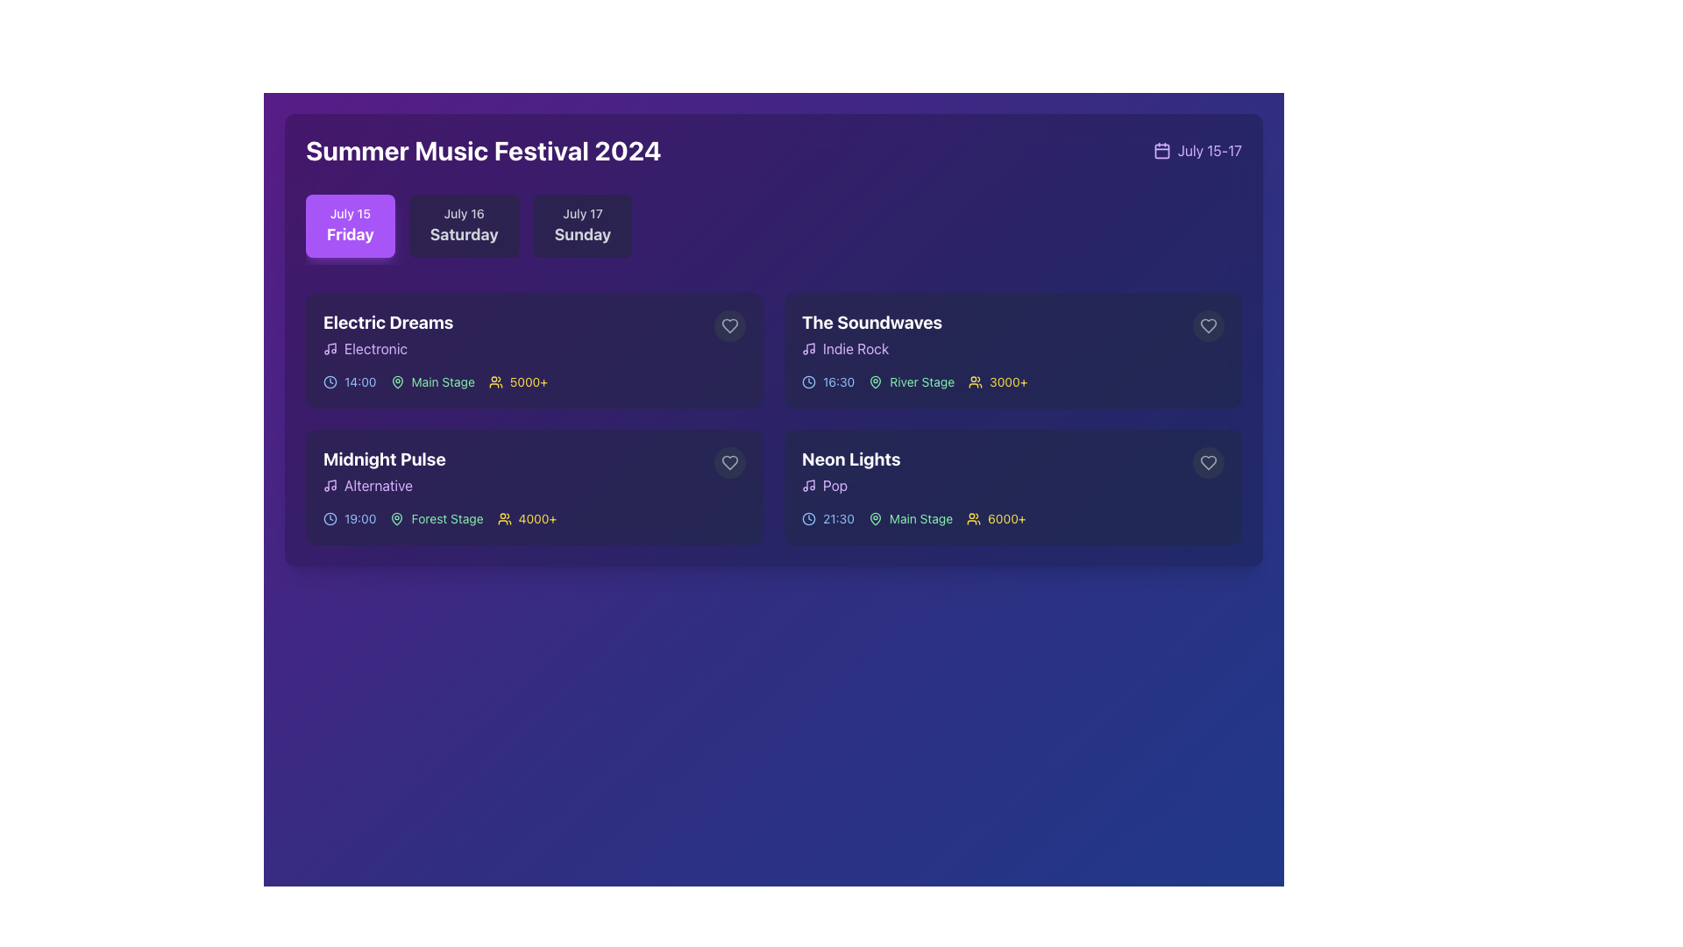 The width and height of the screenshot is (1683, 947). Describe the element at coordinates (383, 459) in the screenshot. I see `the 'Midnight Pulse' text label, which is styled in bold and large white font against a dark background, positioned at the top of the event details card` at that location.